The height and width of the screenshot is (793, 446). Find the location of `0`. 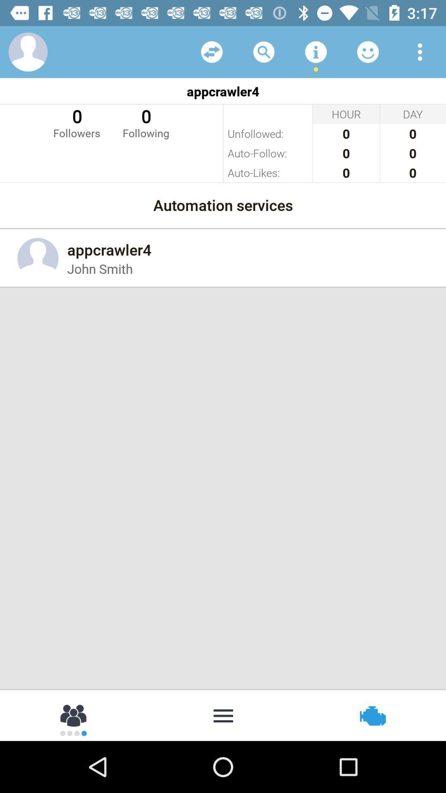

0 is located at coordinates (145, 122).